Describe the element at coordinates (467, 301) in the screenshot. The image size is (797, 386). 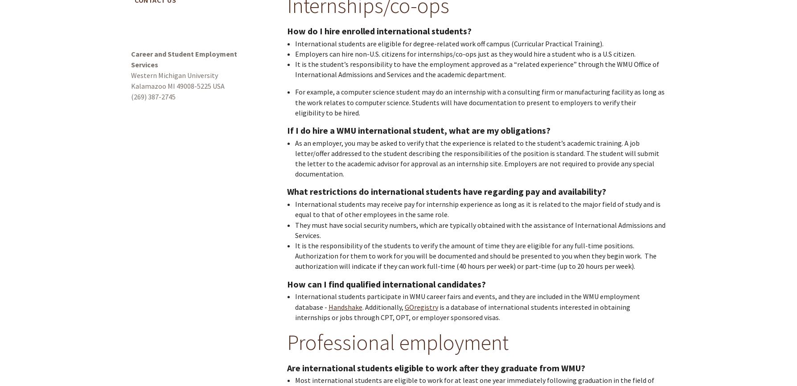
I see `'International students participate in WMU career fairs and events, and they are included in the WMU employment database -'` at that location.